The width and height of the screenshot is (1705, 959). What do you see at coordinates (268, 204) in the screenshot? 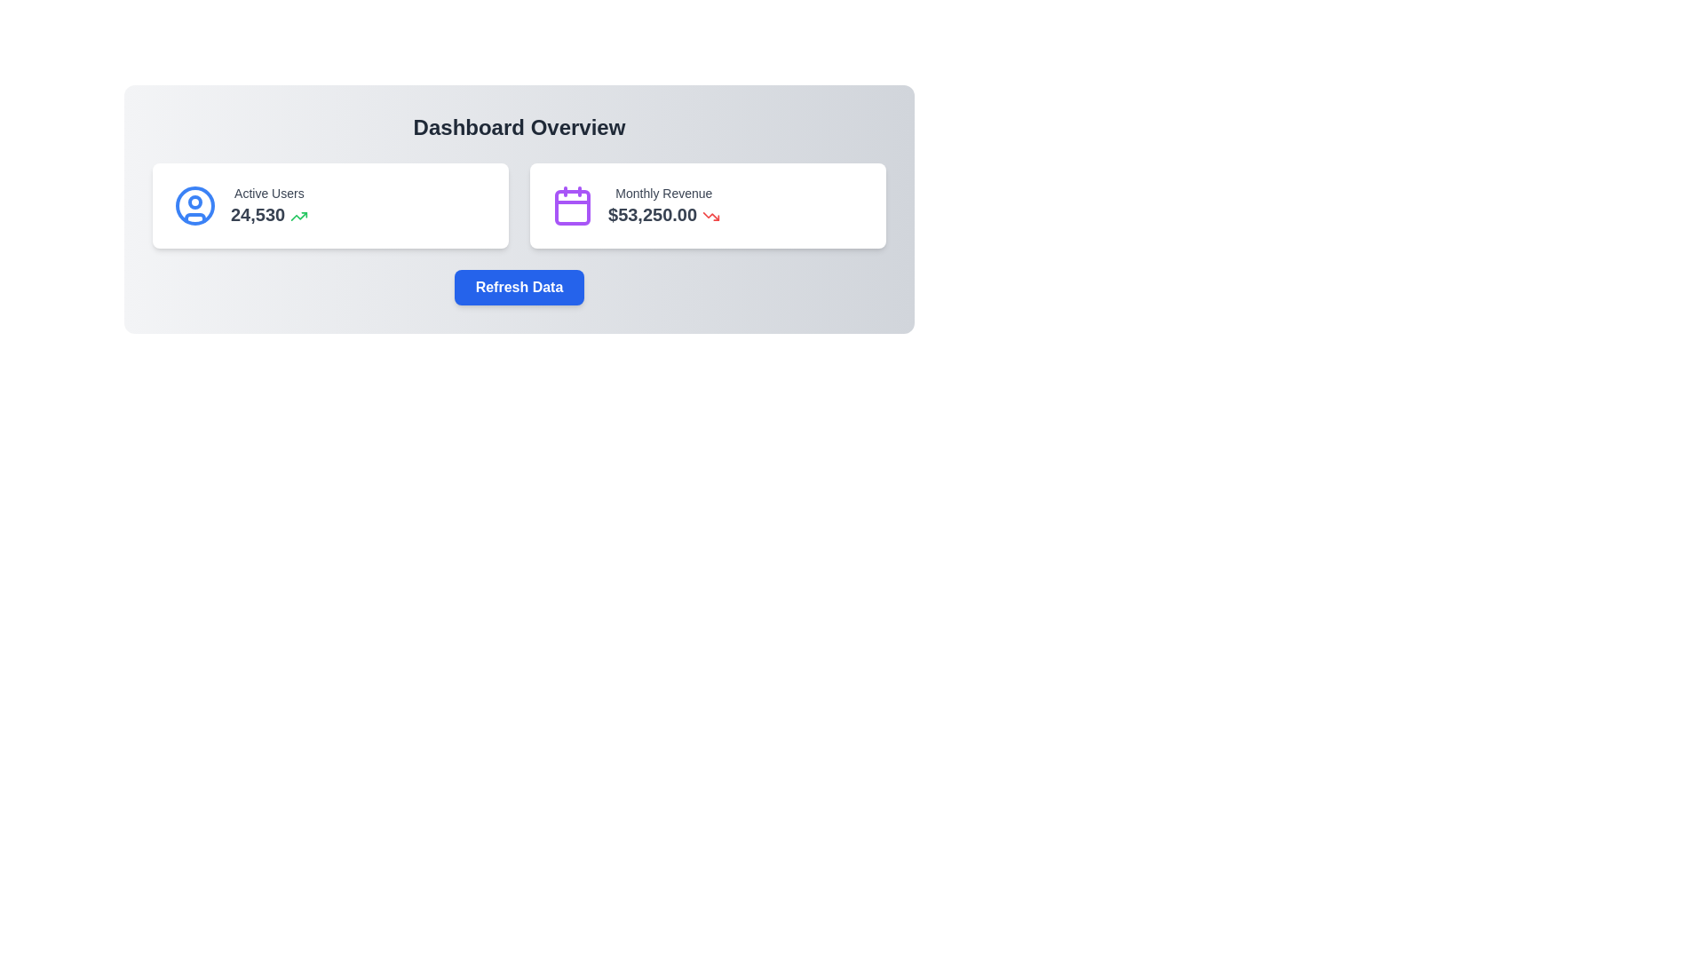
I see `the 'Active Users' textual metric display, which shows the number '24,530' and a green trending upwards arrow icon` at bounding box center [268, 204].